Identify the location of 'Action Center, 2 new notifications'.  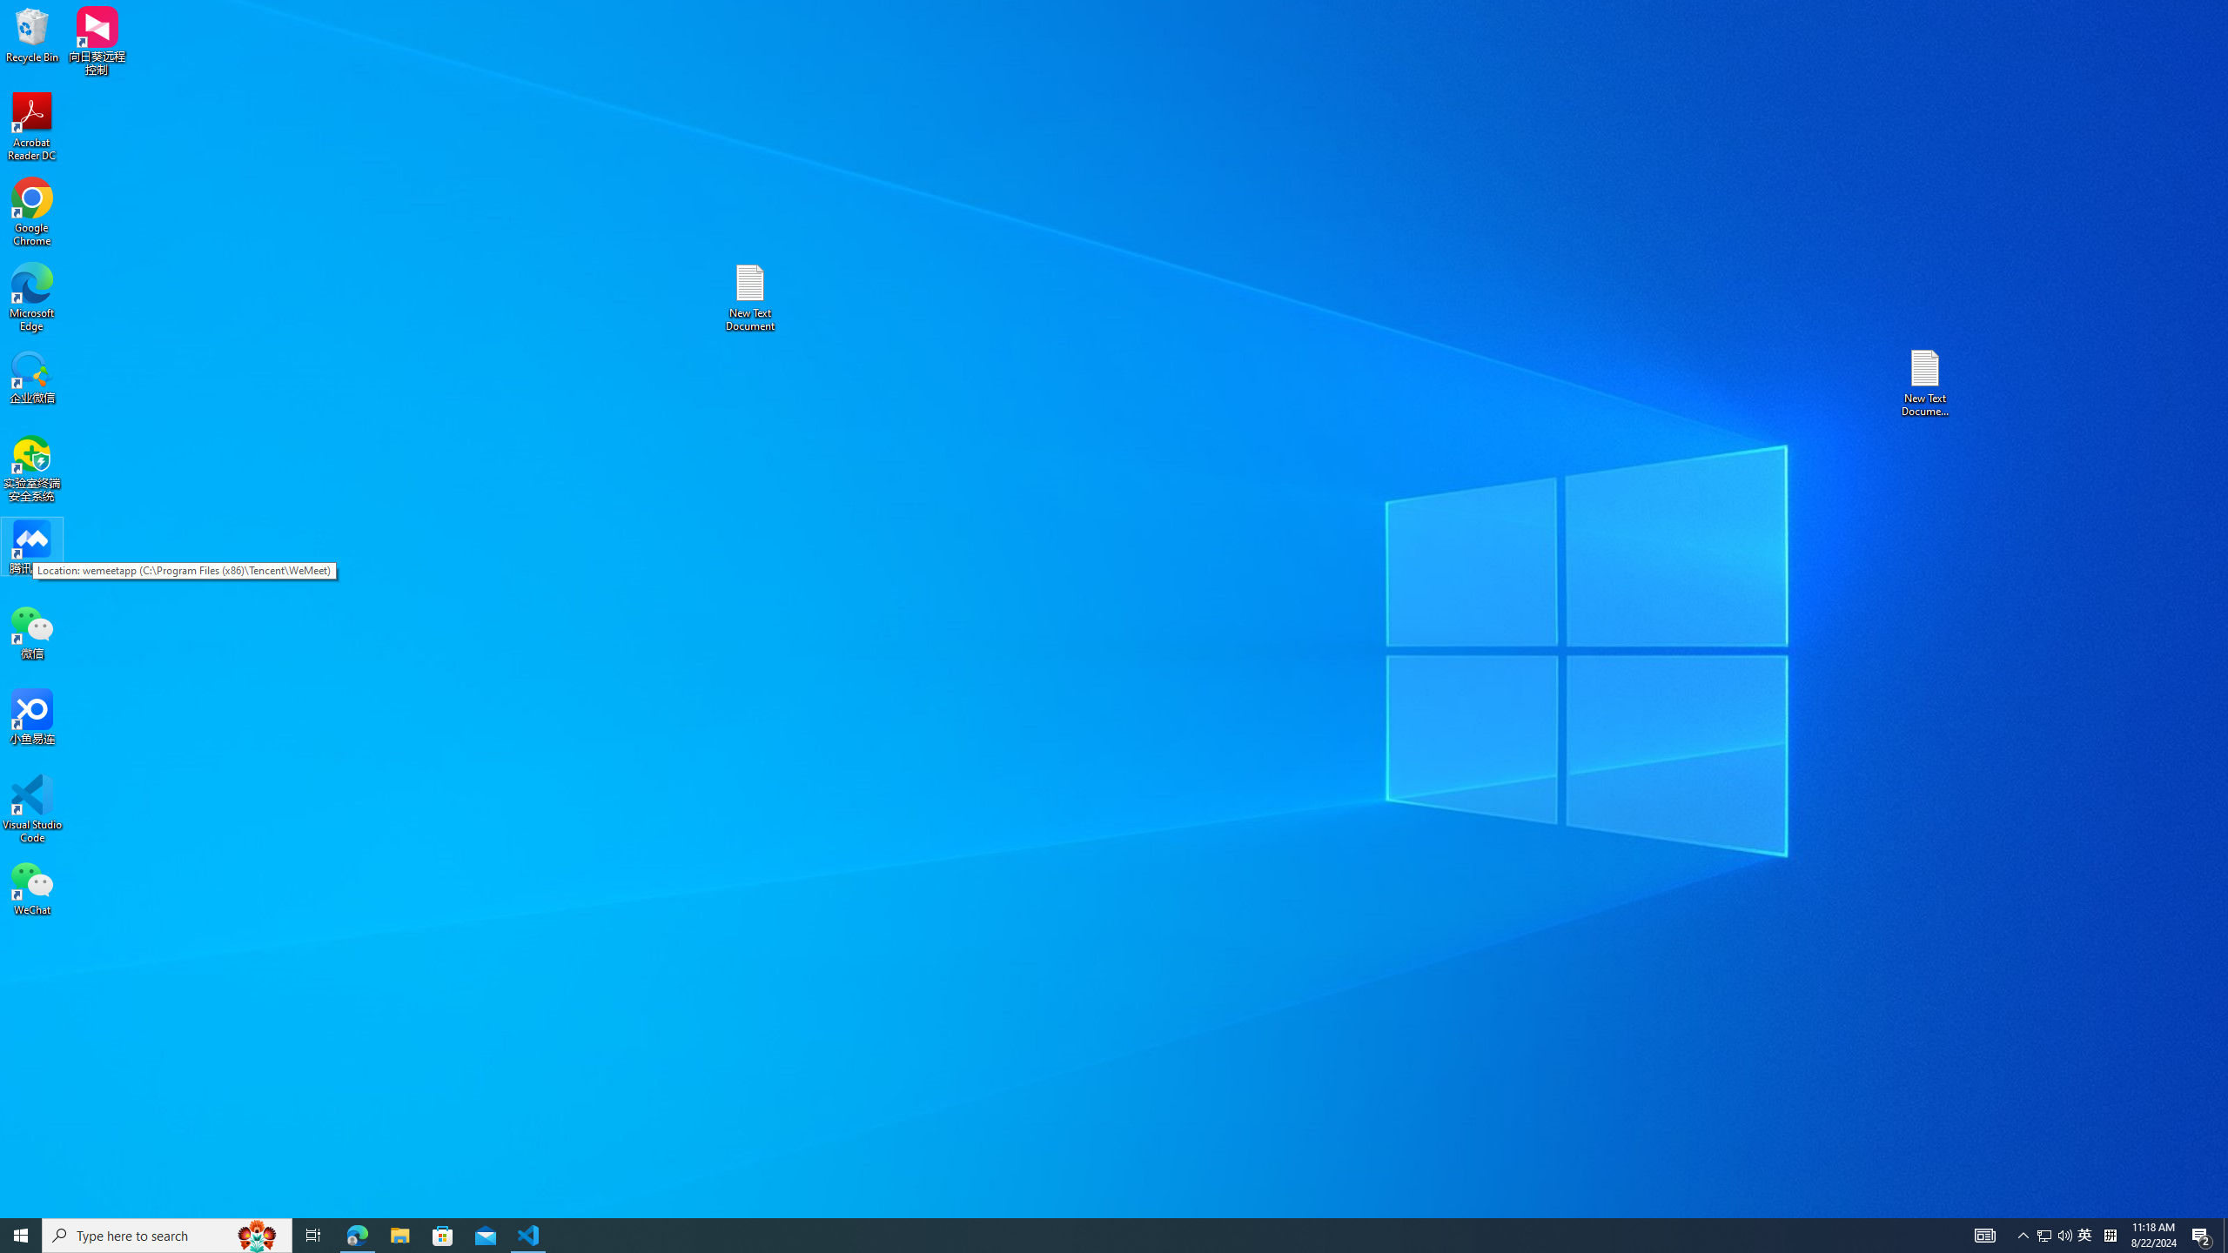
(2202, 1234).